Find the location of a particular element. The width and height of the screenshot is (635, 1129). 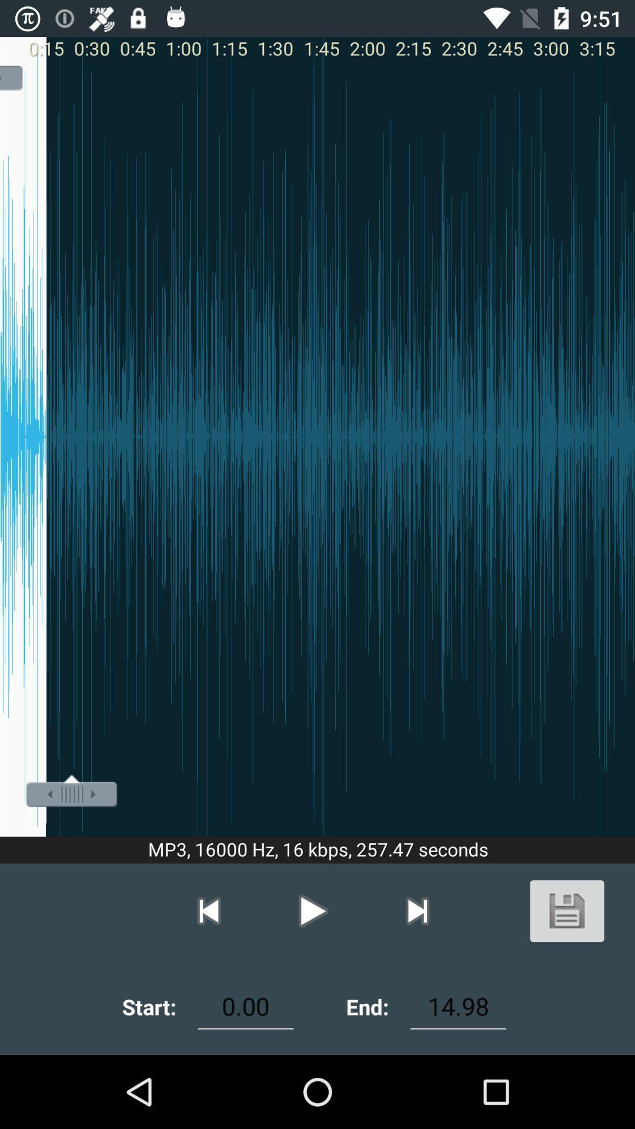

play button which is at bottom of the page is located at coordinates (312, 910).